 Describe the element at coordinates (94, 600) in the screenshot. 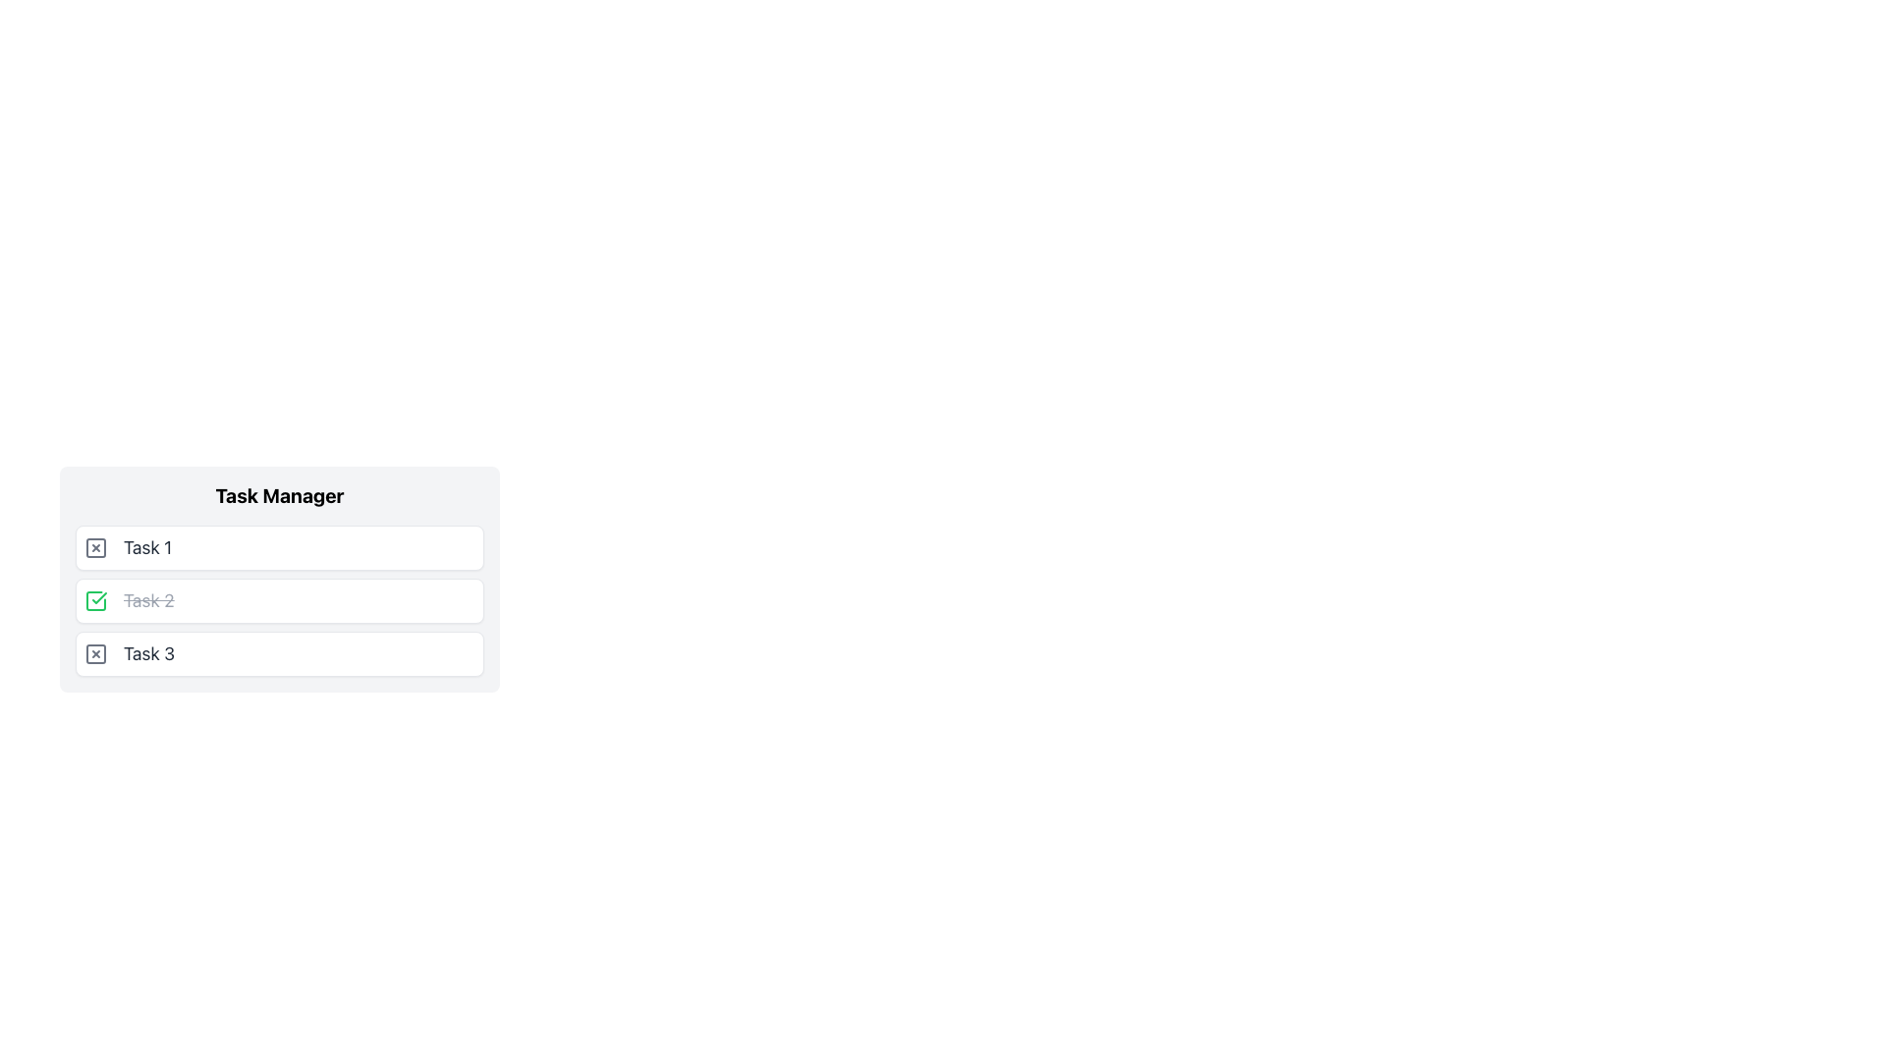

I see `the checkbox located to the left of the text 'Task 2'` at that location.